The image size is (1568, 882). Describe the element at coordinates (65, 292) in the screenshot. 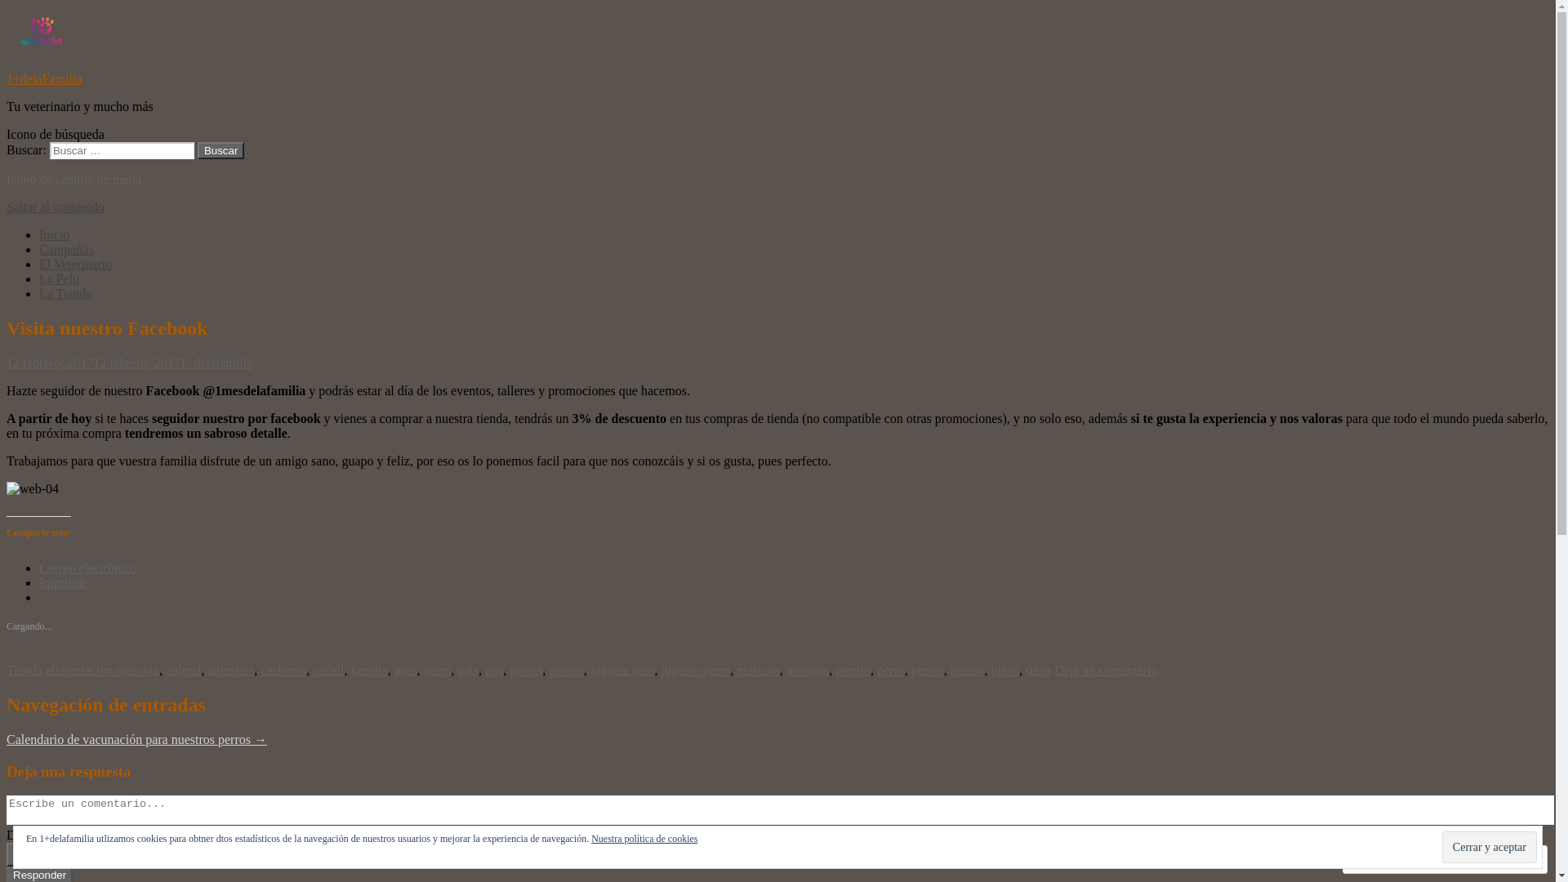

I see `'La Tienda'` at that location.